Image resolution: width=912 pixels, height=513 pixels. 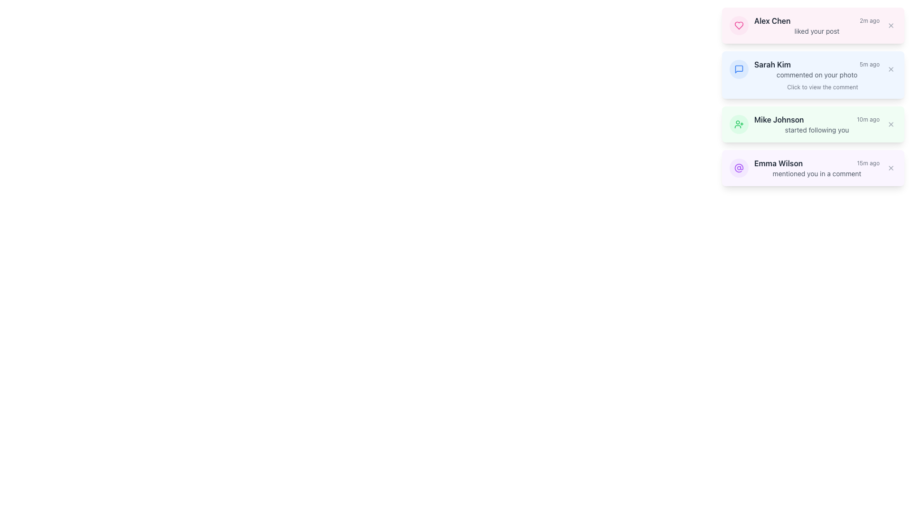 I want to click on the status of the heart-shaped icon indicating 'like' within the notification card from Alex Chen, so click(x=738, y=25).